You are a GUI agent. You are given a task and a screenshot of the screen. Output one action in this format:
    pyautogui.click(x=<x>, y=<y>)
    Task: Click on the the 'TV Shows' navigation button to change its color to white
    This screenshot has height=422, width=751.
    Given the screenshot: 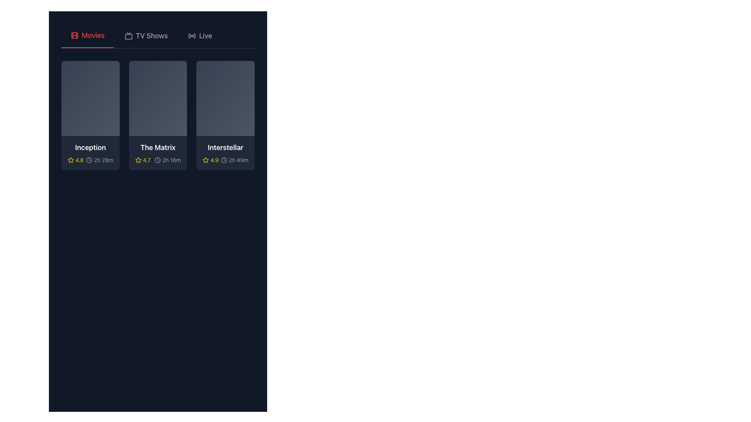 What is the action you would take?
    pyautogui.click(x=146, y=36)
    